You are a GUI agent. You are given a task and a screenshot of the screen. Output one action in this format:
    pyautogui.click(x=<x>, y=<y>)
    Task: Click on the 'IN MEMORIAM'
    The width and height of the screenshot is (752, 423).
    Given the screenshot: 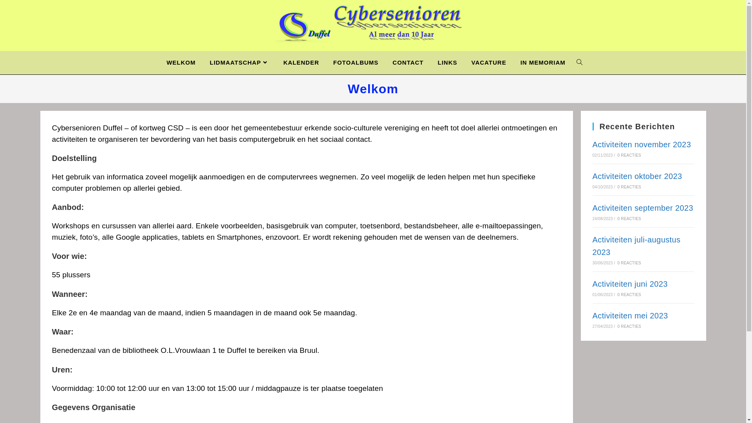 What is the action you would take?
    pyautogui.click(x=542, y=62)
    